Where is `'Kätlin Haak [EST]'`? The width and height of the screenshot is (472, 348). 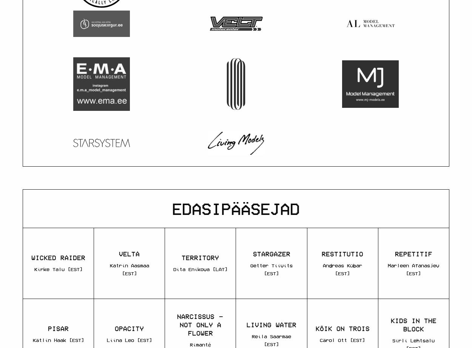 'Kätlin Haak [EST]' is located at coordinates (58, 339).